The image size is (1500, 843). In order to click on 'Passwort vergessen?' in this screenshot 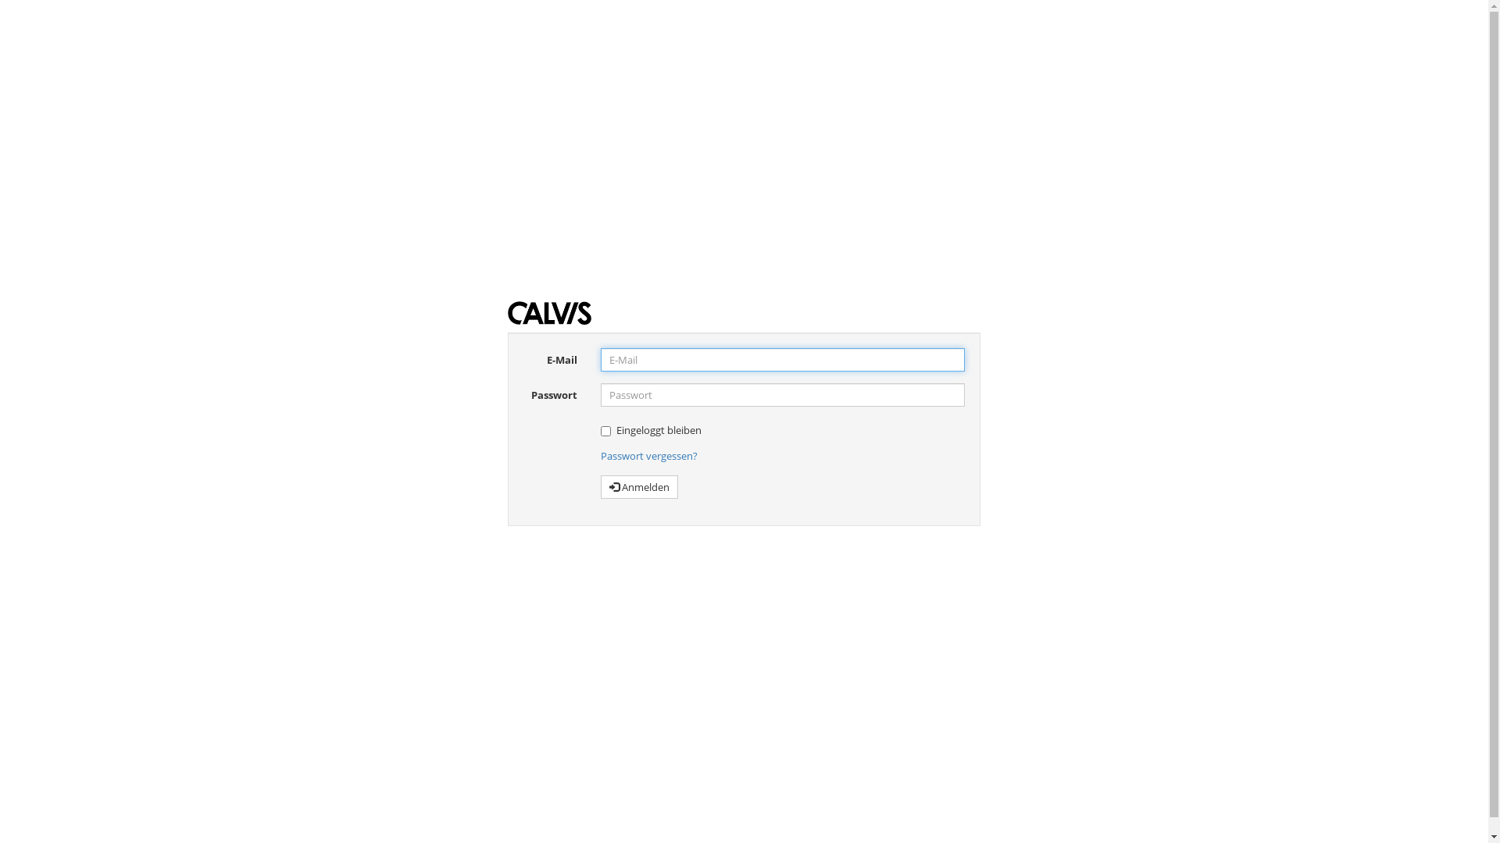, I will do `click(648, 455)`.